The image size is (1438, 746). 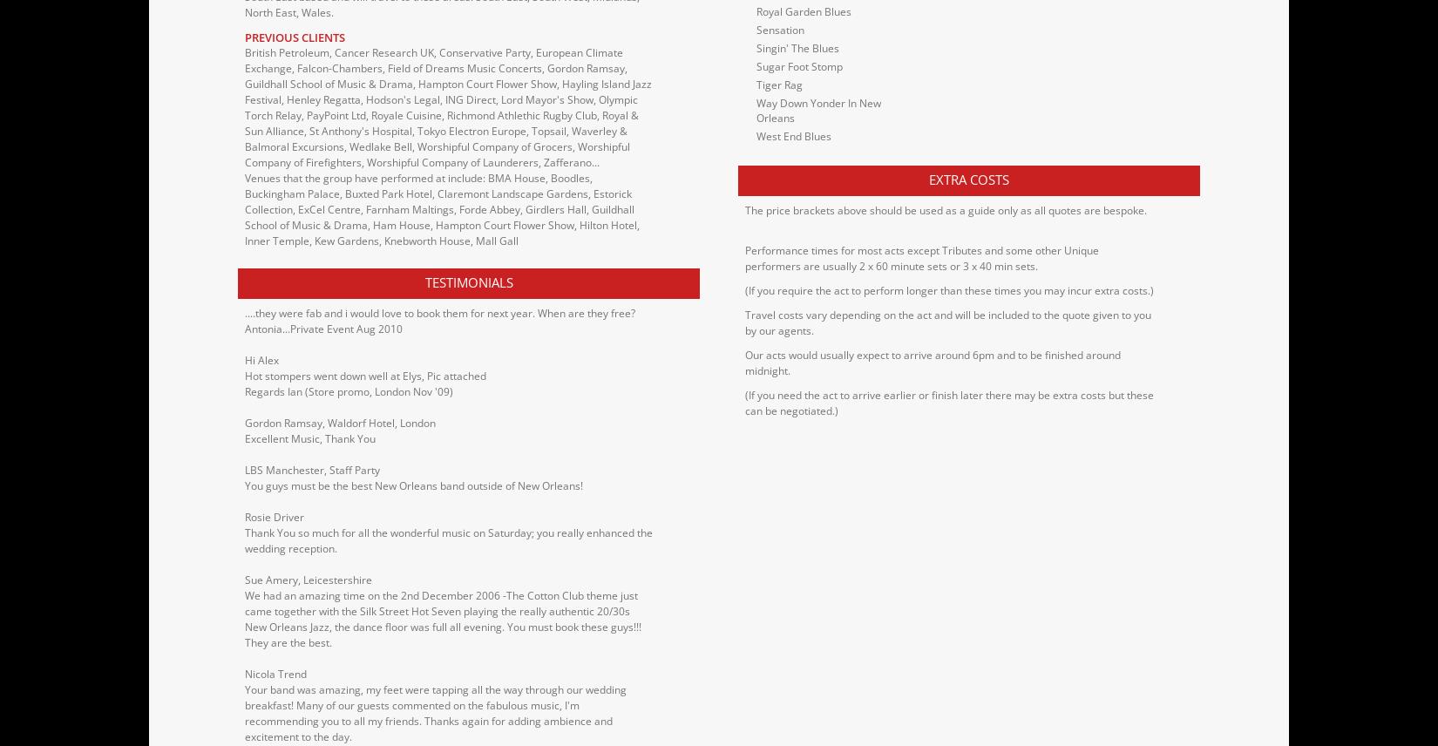 I want to click on 'Way Down Yonder In New Orleans', so click(x=818, y=109).